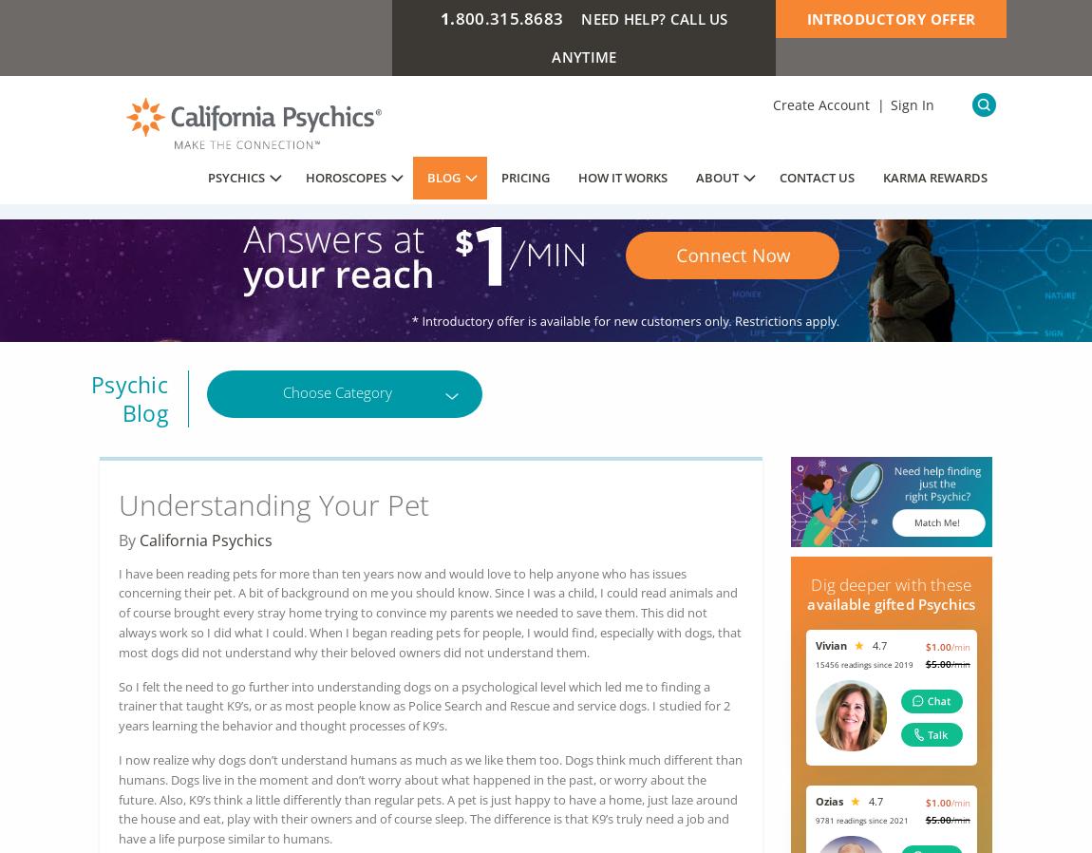 This screenshot has width=1092, height=853. What do you see at coordinates (205, 538) in the screenshot?
I see `'California Psychics'` at bounding box center [205, 538].